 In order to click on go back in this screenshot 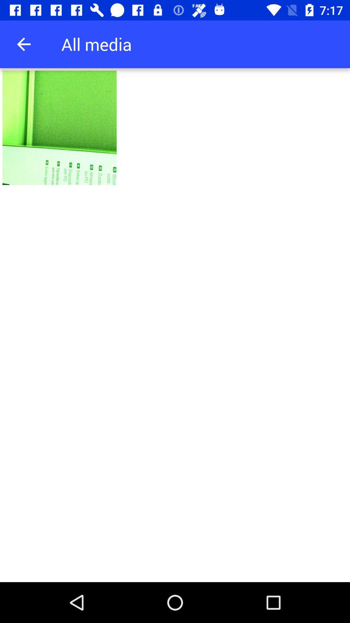, I will do `click(23, 44)`.